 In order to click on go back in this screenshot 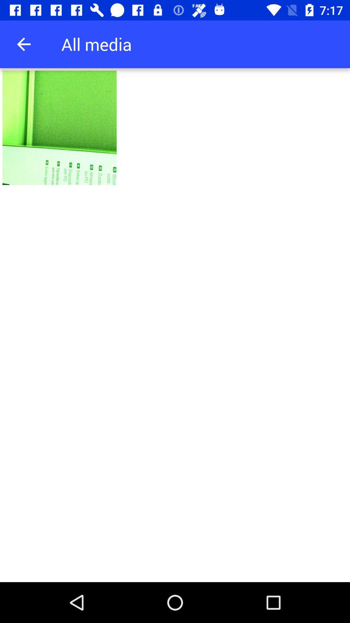, I will do `click(23, 44)`.